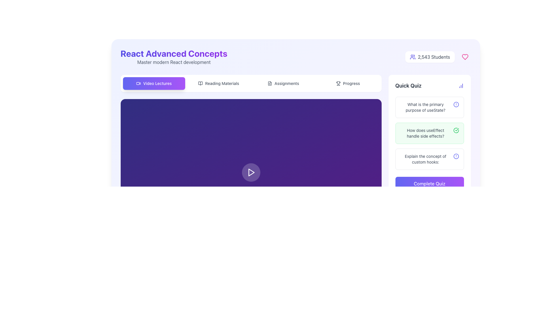 The height and width of the screenshot is (311, 553). I want to click on the informational display showing '2,543 Students' with a blue icon, located in the upper-right section of the interface, so click(430, 57).